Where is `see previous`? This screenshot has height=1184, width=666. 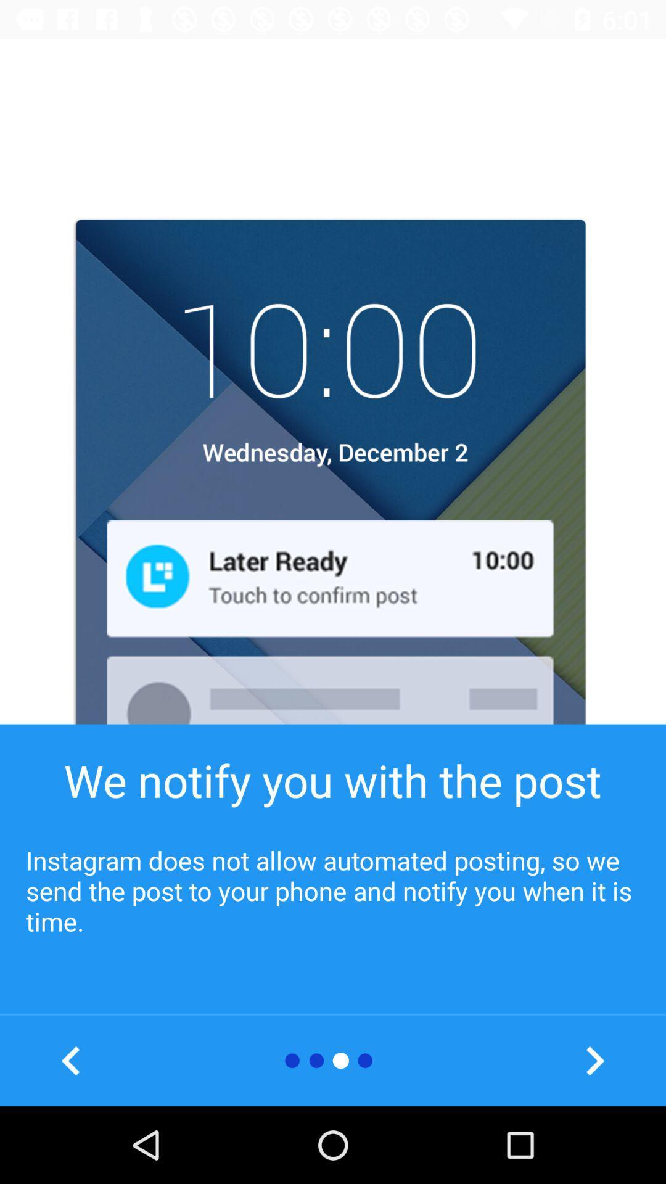
see previous is located at coordinates (71, 1060).